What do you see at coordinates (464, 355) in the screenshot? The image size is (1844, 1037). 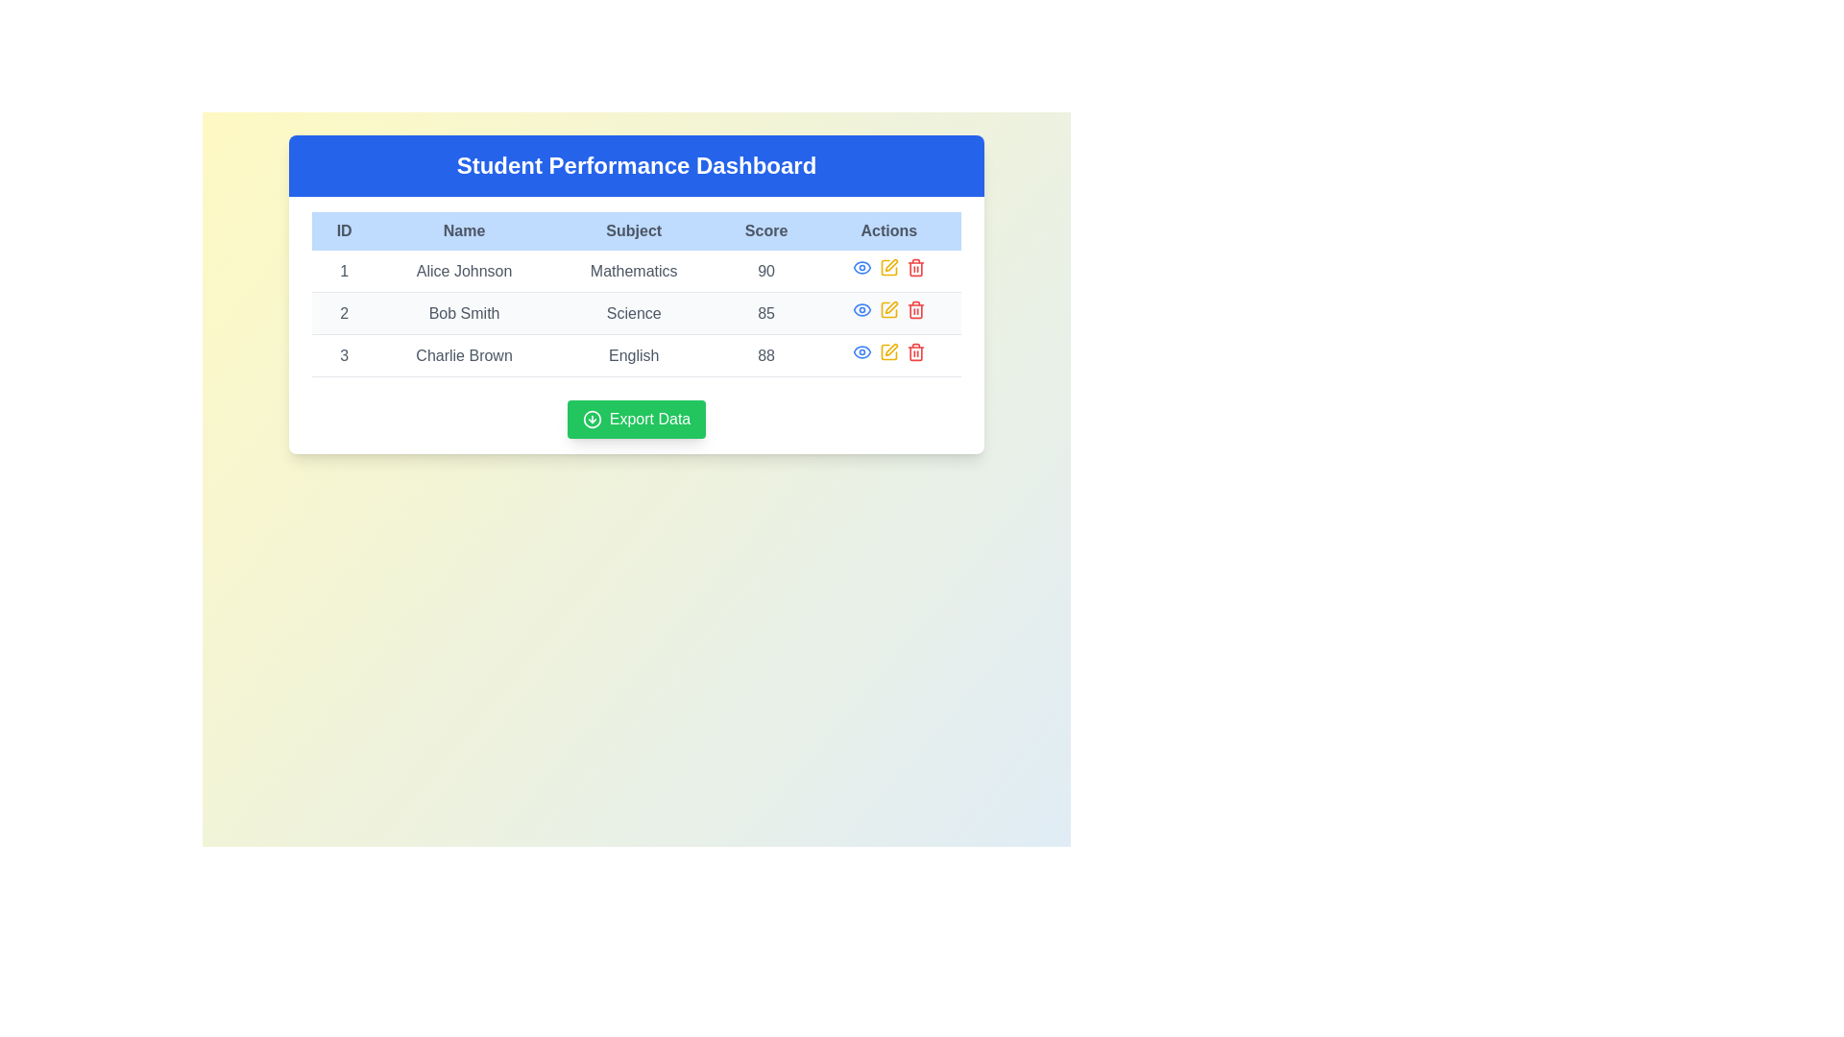 I see `the static text element displaying the name 'Charlie Brown' in the third row of the table under the 'Name' column` at bounding box center [464, 355].